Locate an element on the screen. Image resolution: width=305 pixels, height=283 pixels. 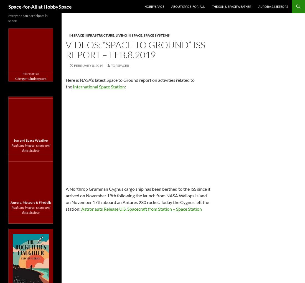
'Space Systems' is located at coordinates (156, 35).